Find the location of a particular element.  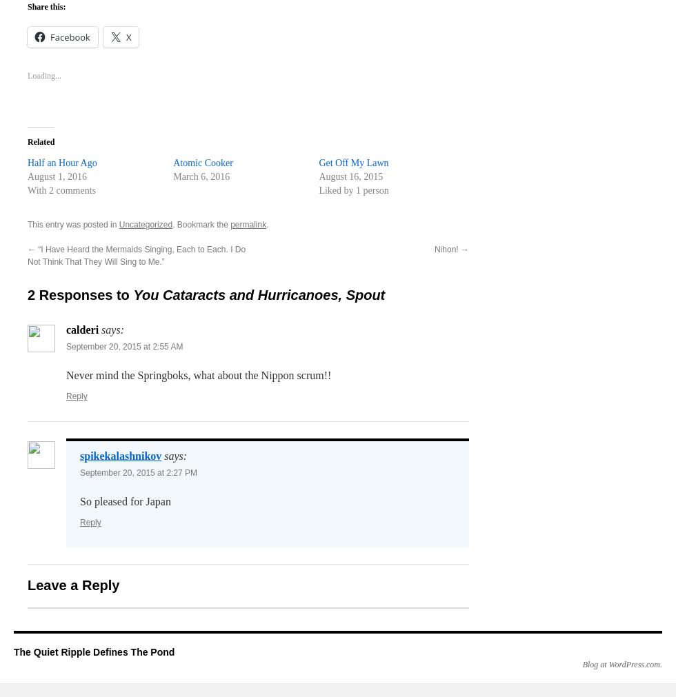

'“I Have Heard the Mermaids Singing, Each to Each.   I Do Not Think That They Will Sing to Me.”' is located at coordinates (136, 255).